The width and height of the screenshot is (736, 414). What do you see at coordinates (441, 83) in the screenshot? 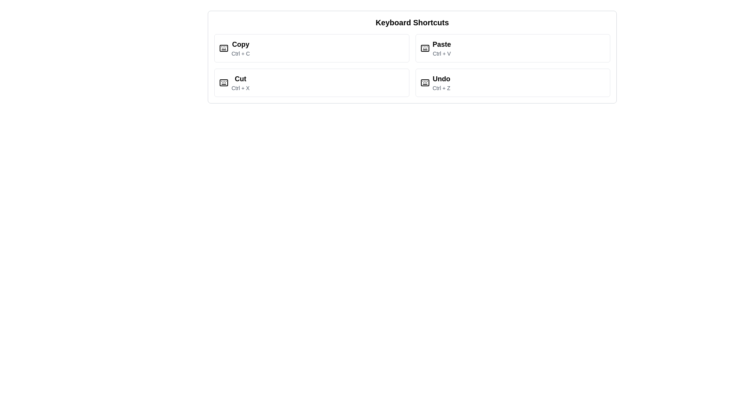
I see `the Text display component that shows the 'Undo' action keyboard shortcut ('Ctrl + Z') in the Keyboard Shortcuts window, located in the bottom-right quadrant` at bounding box center [441, 83].